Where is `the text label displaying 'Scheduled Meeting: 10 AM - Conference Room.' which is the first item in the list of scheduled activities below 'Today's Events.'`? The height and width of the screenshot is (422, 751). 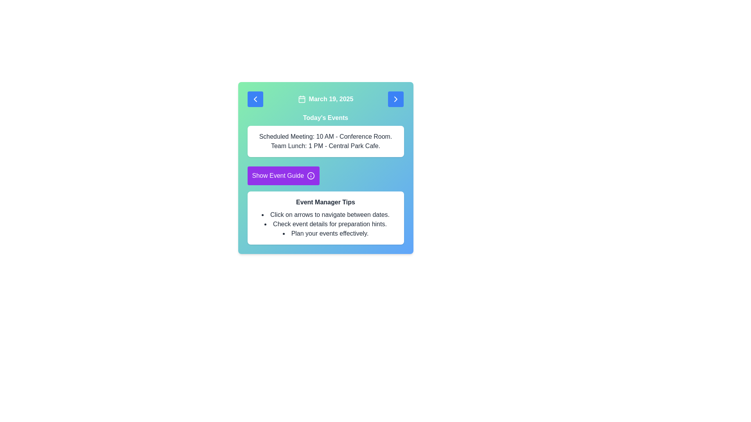 the text label displaying 'Scheduled Meeting: 10 AM - Conference Room.' which is the first item in the list of scheduled activities below 'Today's Events.' is located at coordinates (325, 136).